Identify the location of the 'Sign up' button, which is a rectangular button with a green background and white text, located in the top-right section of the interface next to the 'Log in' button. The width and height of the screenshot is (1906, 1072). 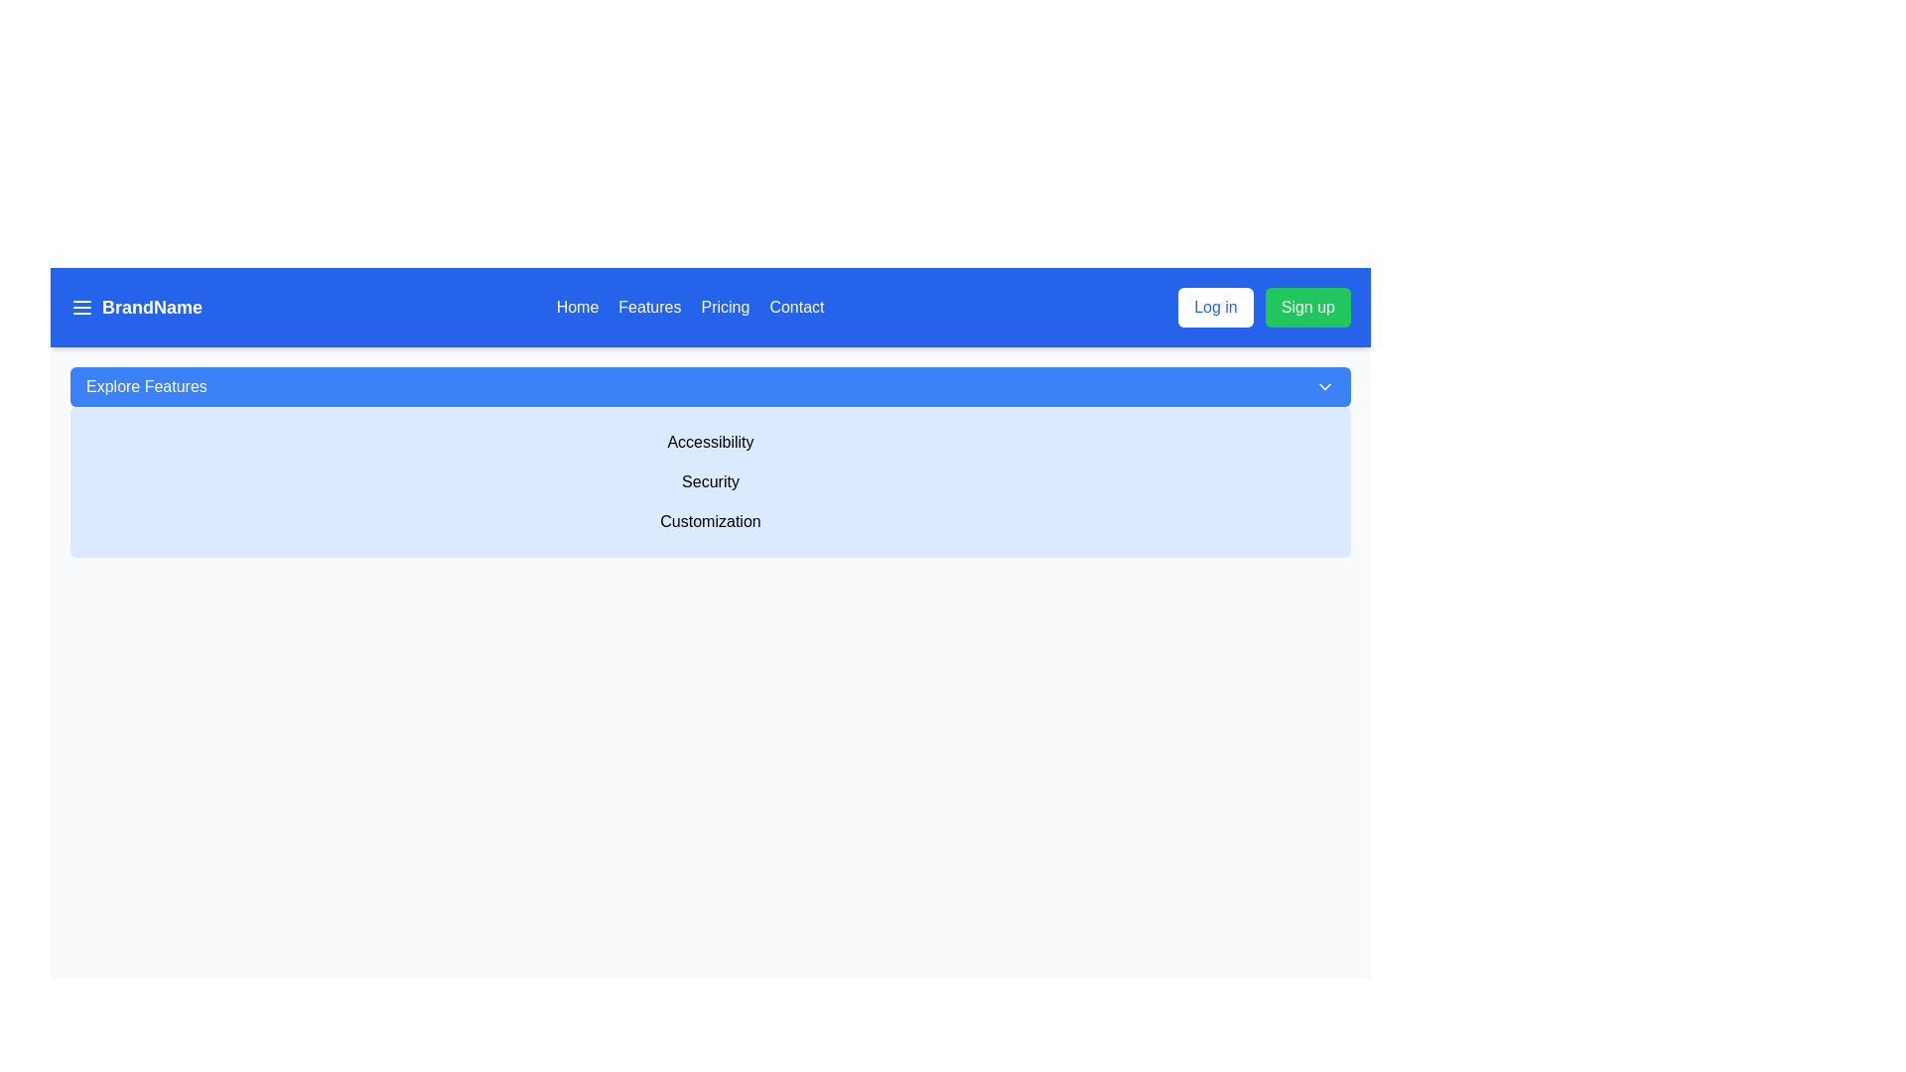
(1307, 307).